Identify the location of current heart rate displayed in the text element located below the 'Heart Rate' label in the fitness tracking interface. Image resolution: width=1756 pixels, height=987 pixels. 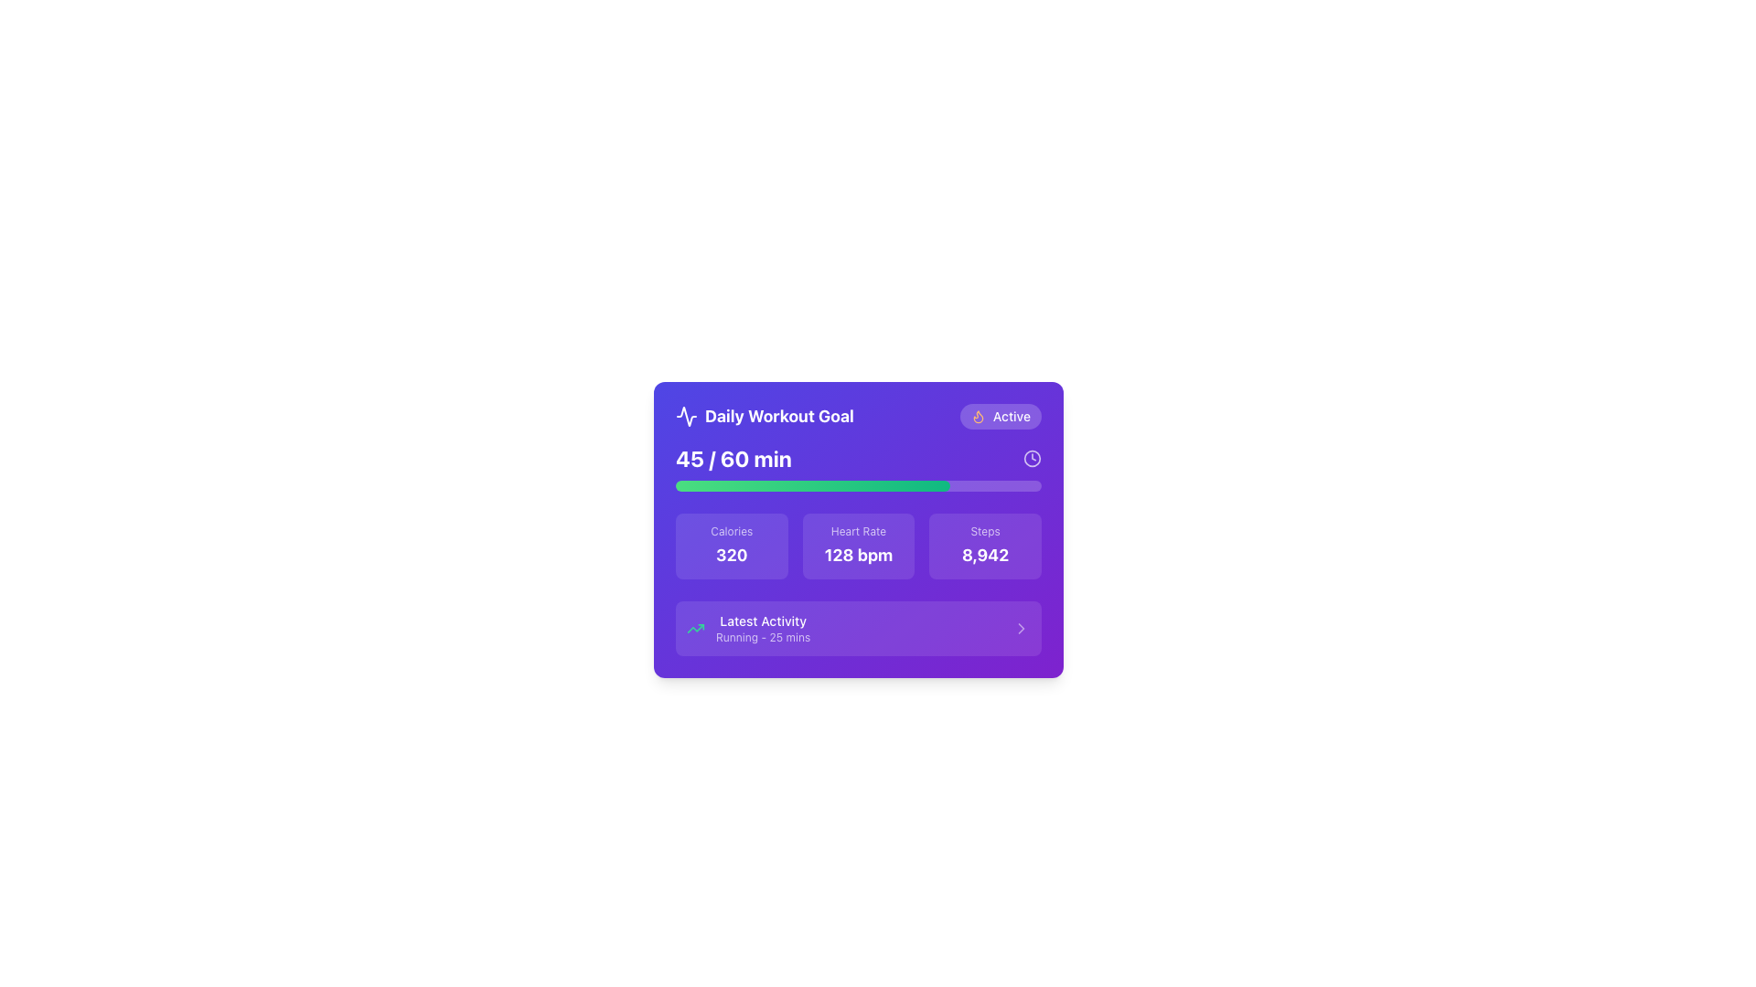
(858, 555).